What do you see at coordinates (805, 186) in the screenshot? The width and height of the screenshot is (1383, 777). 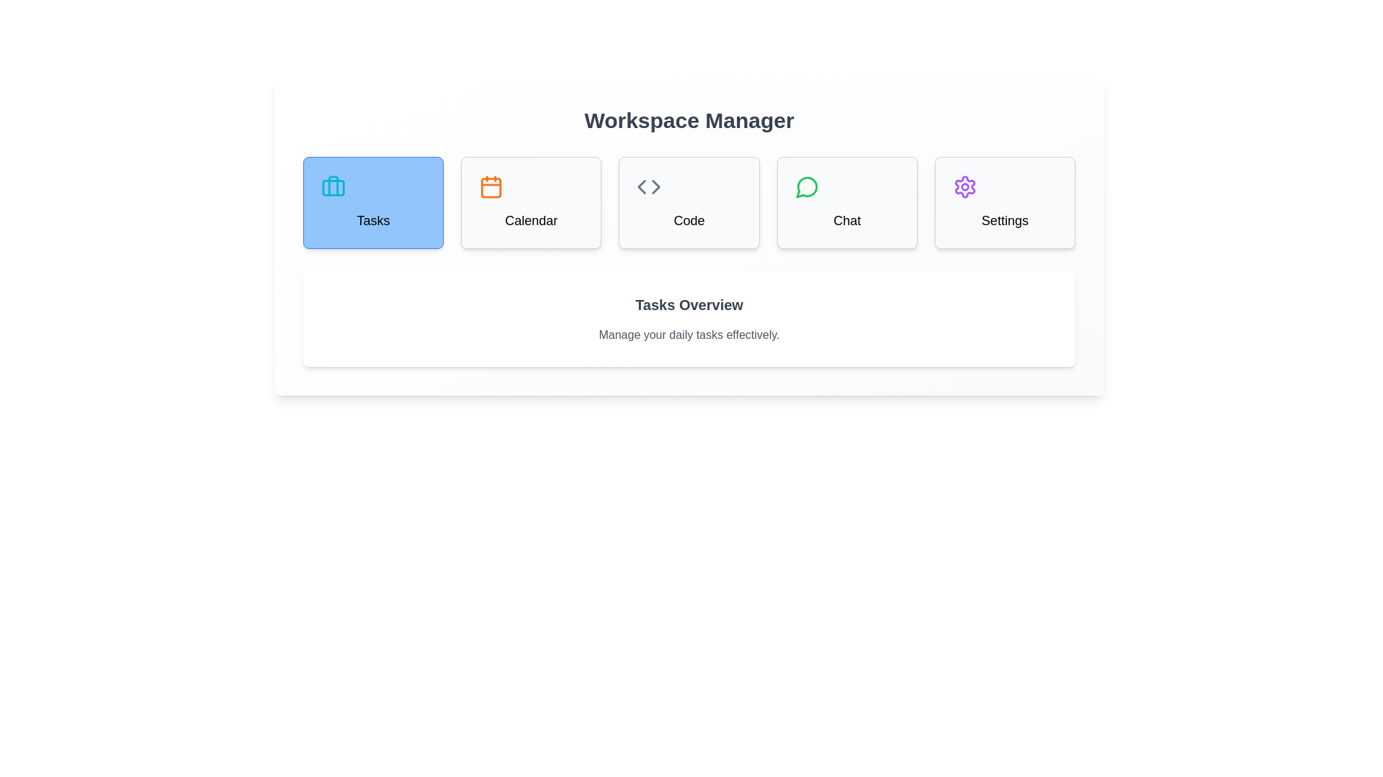 I see `speech bubble tail icon graphic located in the green circular chat icon within the 'Chat' card of the Workspace Manager` at bounding box center [805, 186].